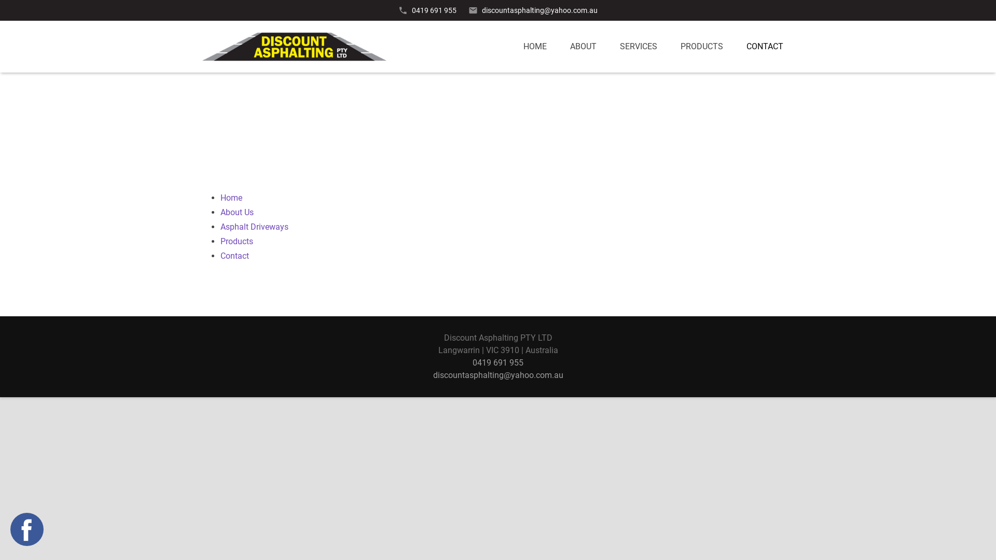 The image size is (996, 560). What do you see at coordinates (434, 10) in the screenshot?
I see `'0419 691 955'` at bounding box center [434, 10].